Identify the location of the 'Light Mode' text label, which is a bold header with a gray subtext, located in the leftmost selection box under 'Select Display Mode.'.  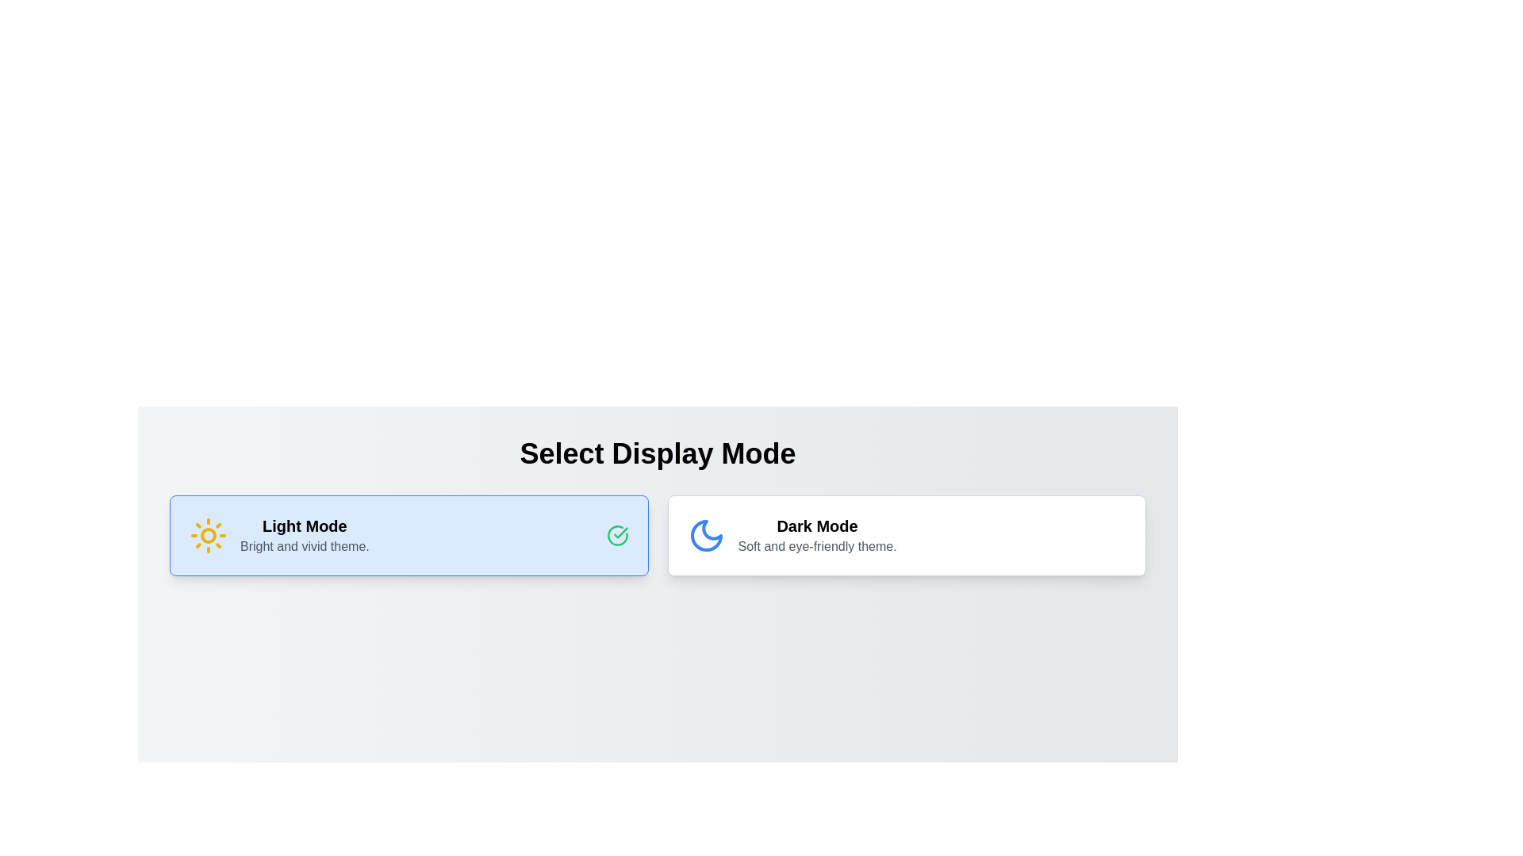
(305, 535).